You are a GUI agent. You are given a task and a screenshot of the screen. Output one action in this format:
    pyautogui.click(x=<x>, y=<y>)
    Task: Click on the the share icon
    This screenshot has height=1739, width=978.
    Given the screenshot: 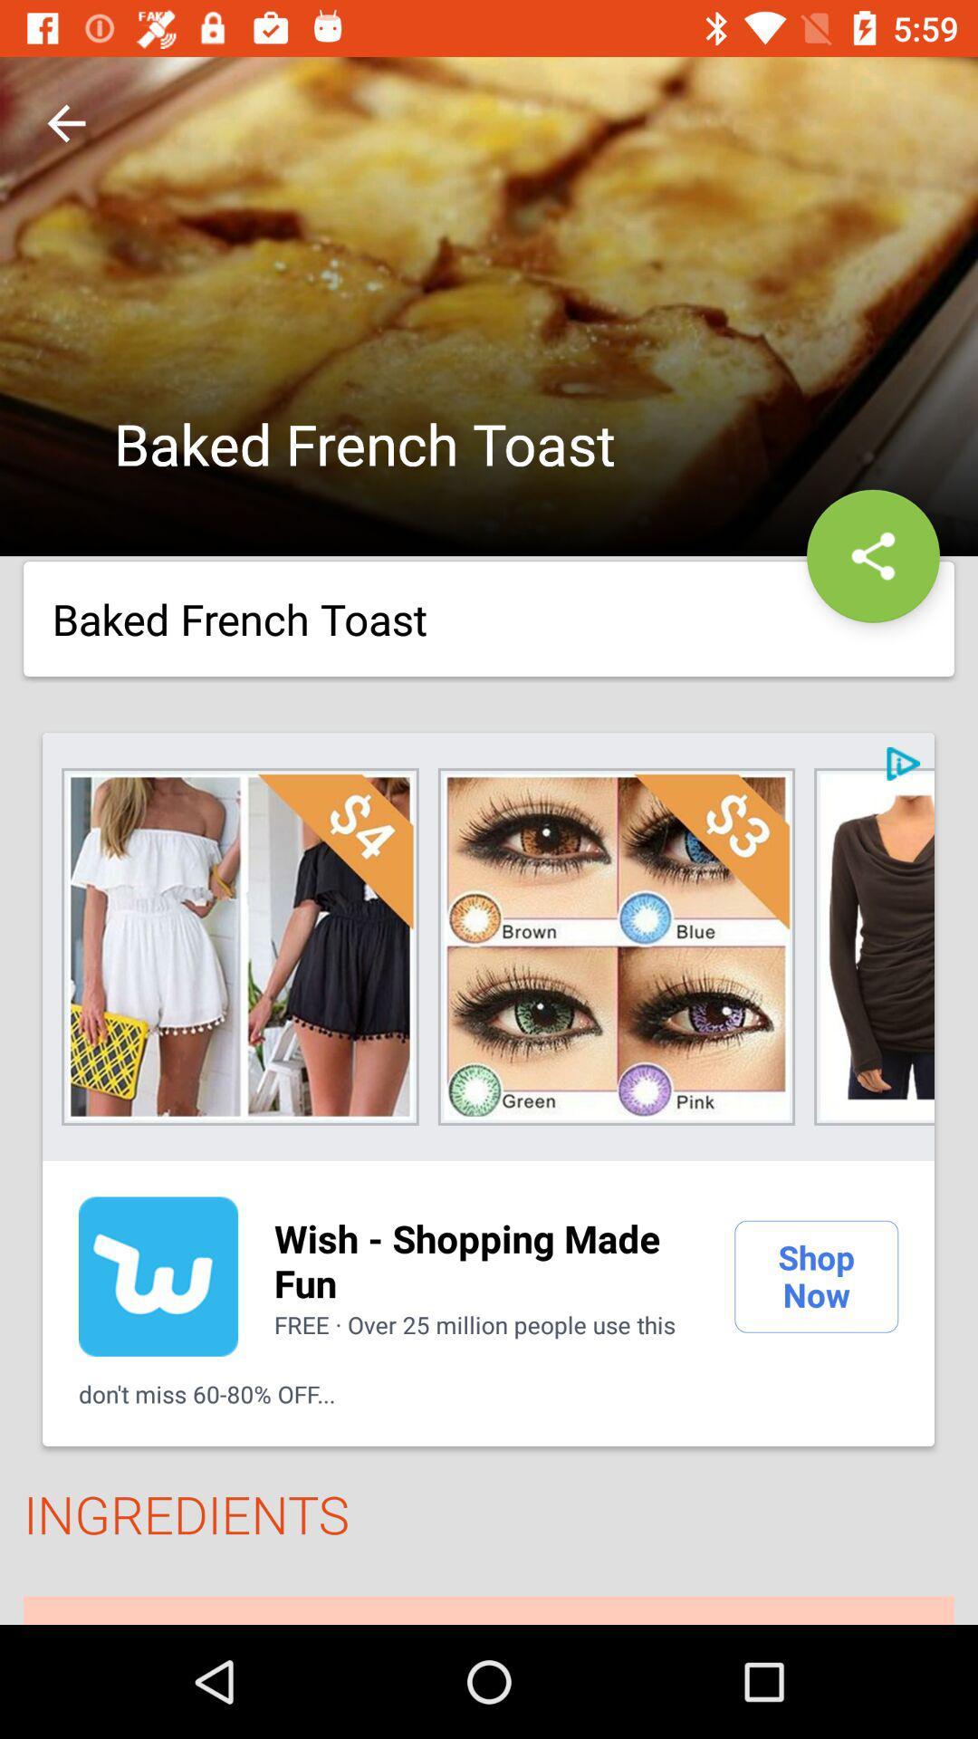 What is the action you would take?
    pyautogui.click(x=872, y=555)
    